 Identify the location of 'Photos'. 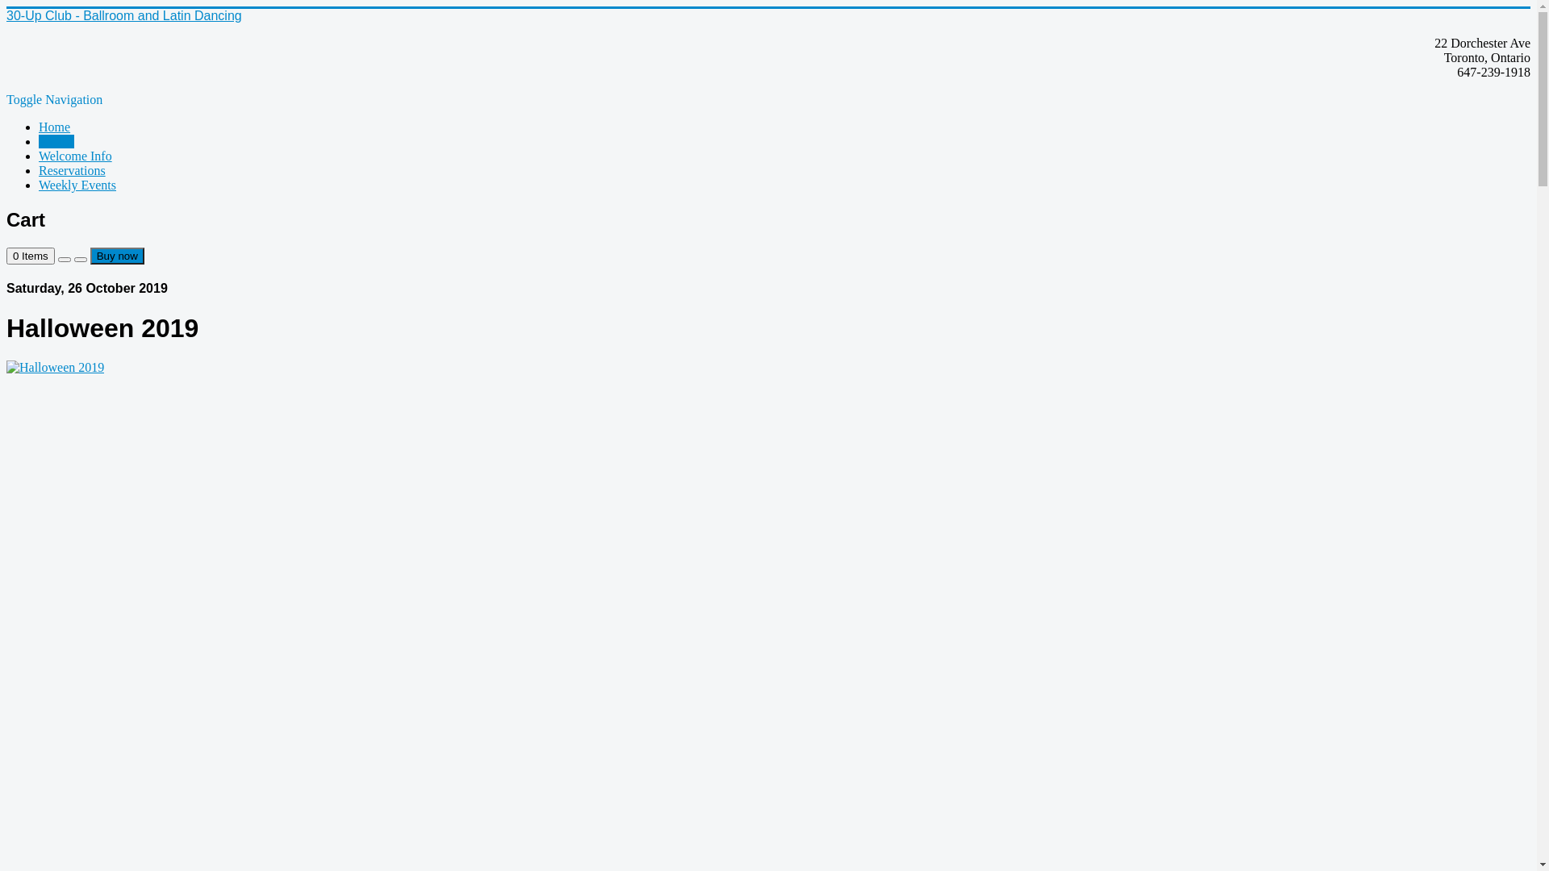
(56, 140).